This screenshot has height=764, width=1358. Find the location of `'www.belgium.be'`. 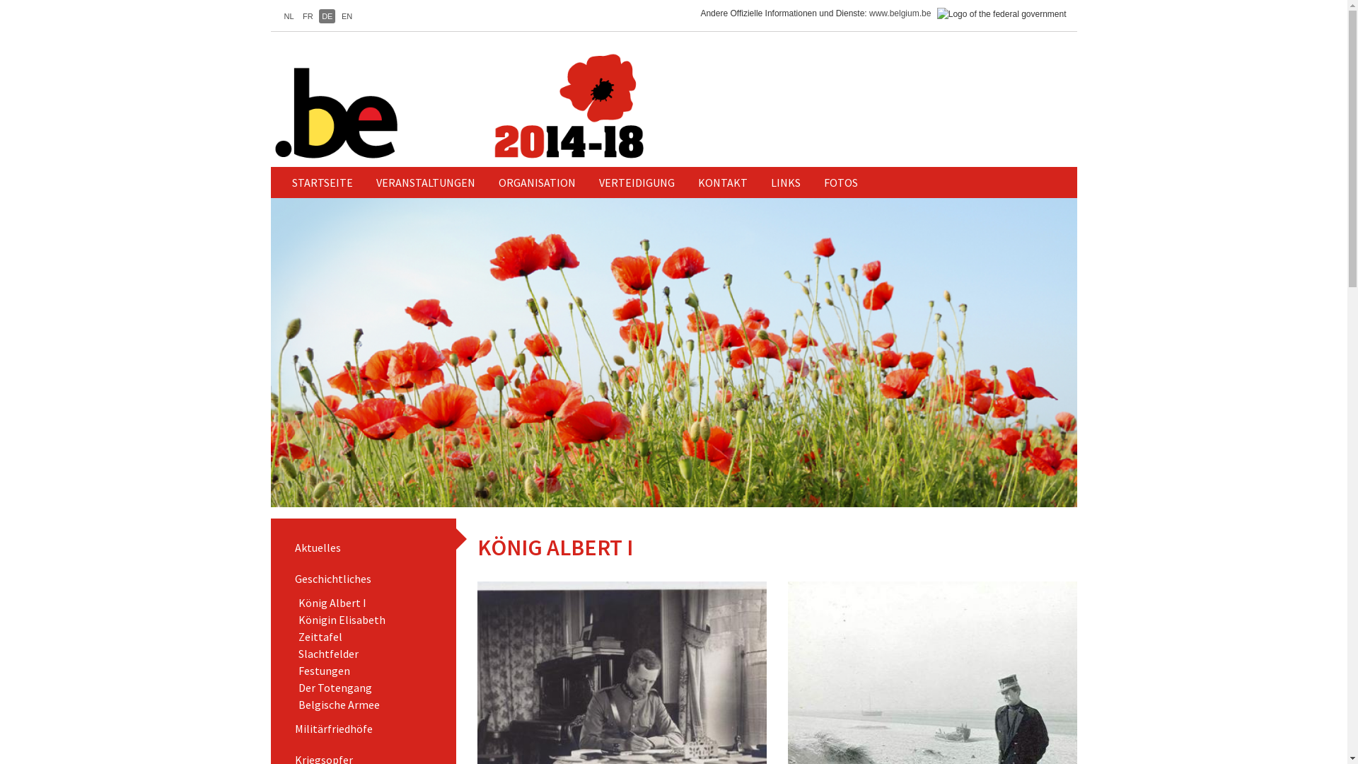

'www.belgium.be' is located at coordinates (899, 13).